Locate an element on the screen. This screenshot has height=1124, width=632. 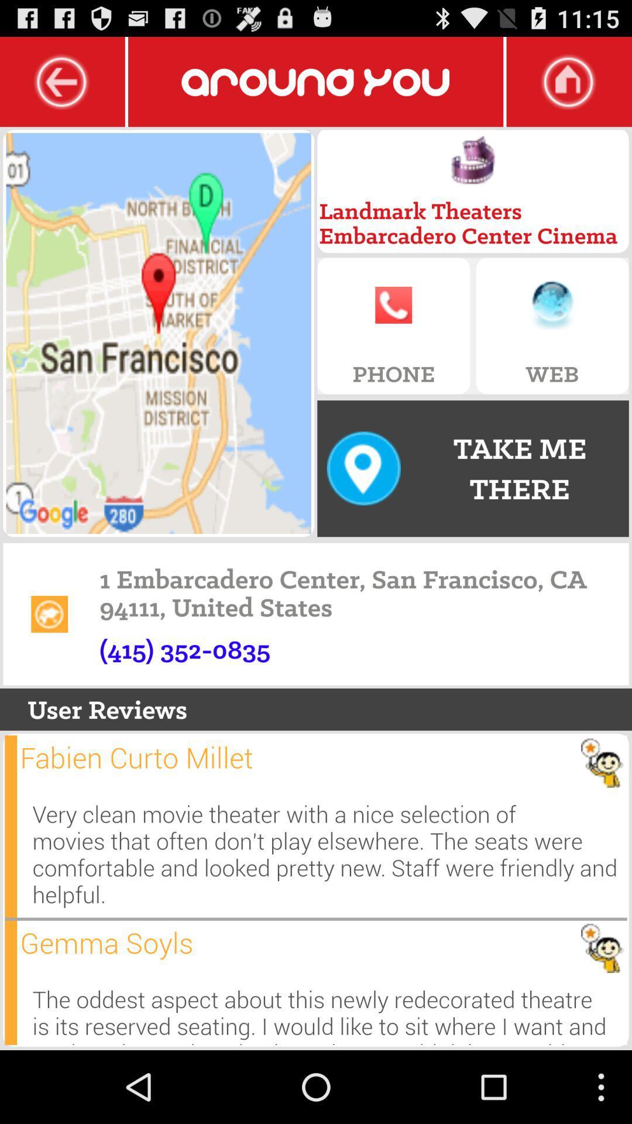
the item next to the fabien curto millet icon is located at coordinates (11, 825).